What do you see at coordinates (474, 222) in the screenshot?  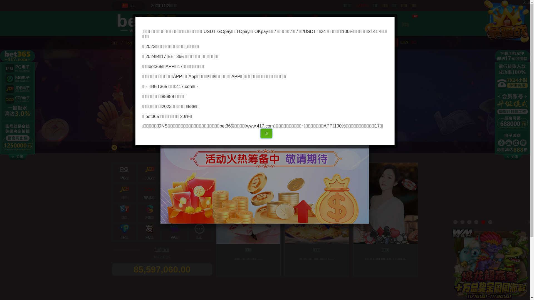 I see `'4'` at bounding box center [474, 222].